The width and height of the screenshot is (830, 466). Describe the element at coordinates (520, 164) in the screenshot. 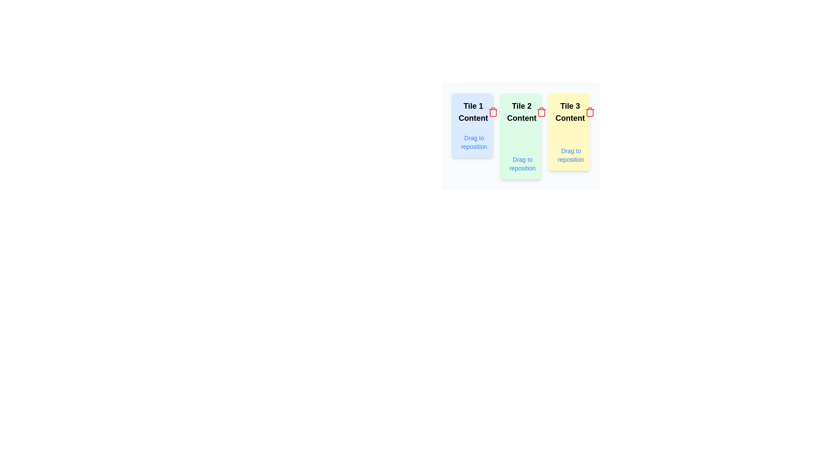

I see `on the interactive draggable text element located at the bottom-center of the 'Tile 2 Content' card with a green background` at that location.